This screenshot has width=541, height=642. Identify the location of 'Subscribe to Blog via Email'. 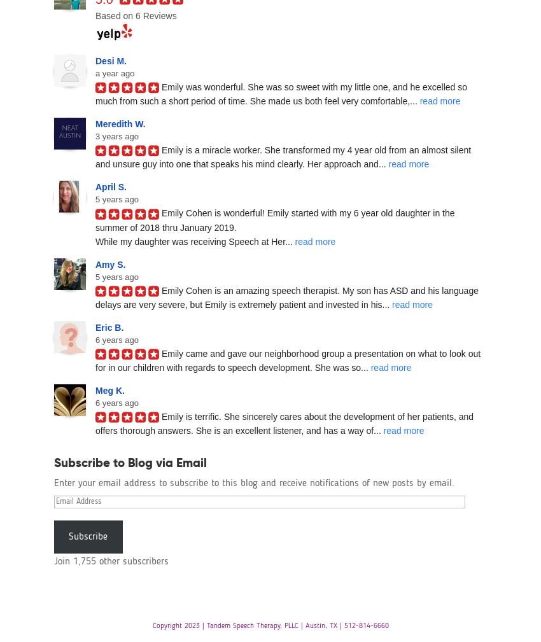
(130, 463).